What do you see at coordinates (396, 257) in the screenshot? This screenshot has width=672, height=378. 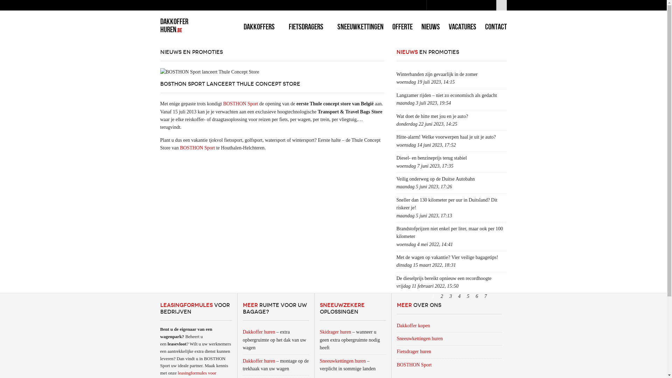 I see `'Met de wagen op vakantie? Vier veilige bagagetips!'` at bounding box center [396, 257].